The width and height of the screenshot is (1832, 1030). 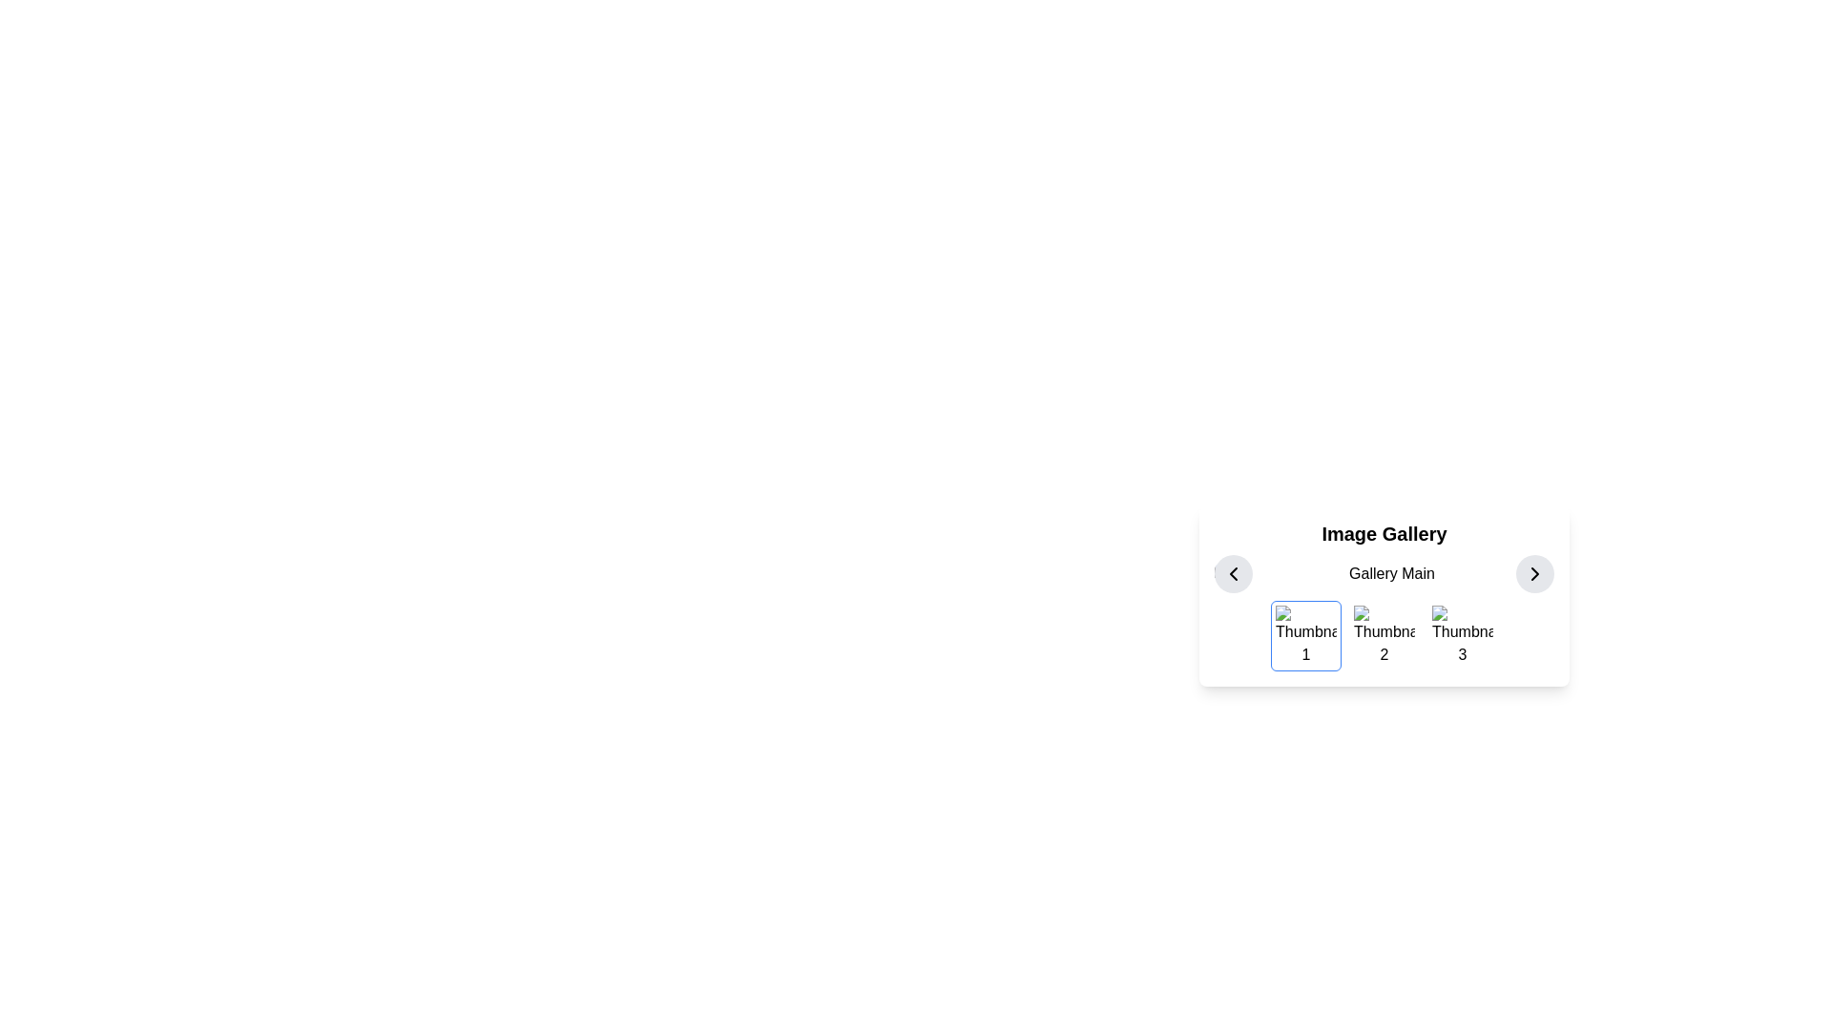 What do you see at coordinates (1384, 636) in the screenshot?
I see `the individual thumbnail in the Group of interactable image thumbnails located below the 'Gallery Main' title` at bounding box center [1384, 636].